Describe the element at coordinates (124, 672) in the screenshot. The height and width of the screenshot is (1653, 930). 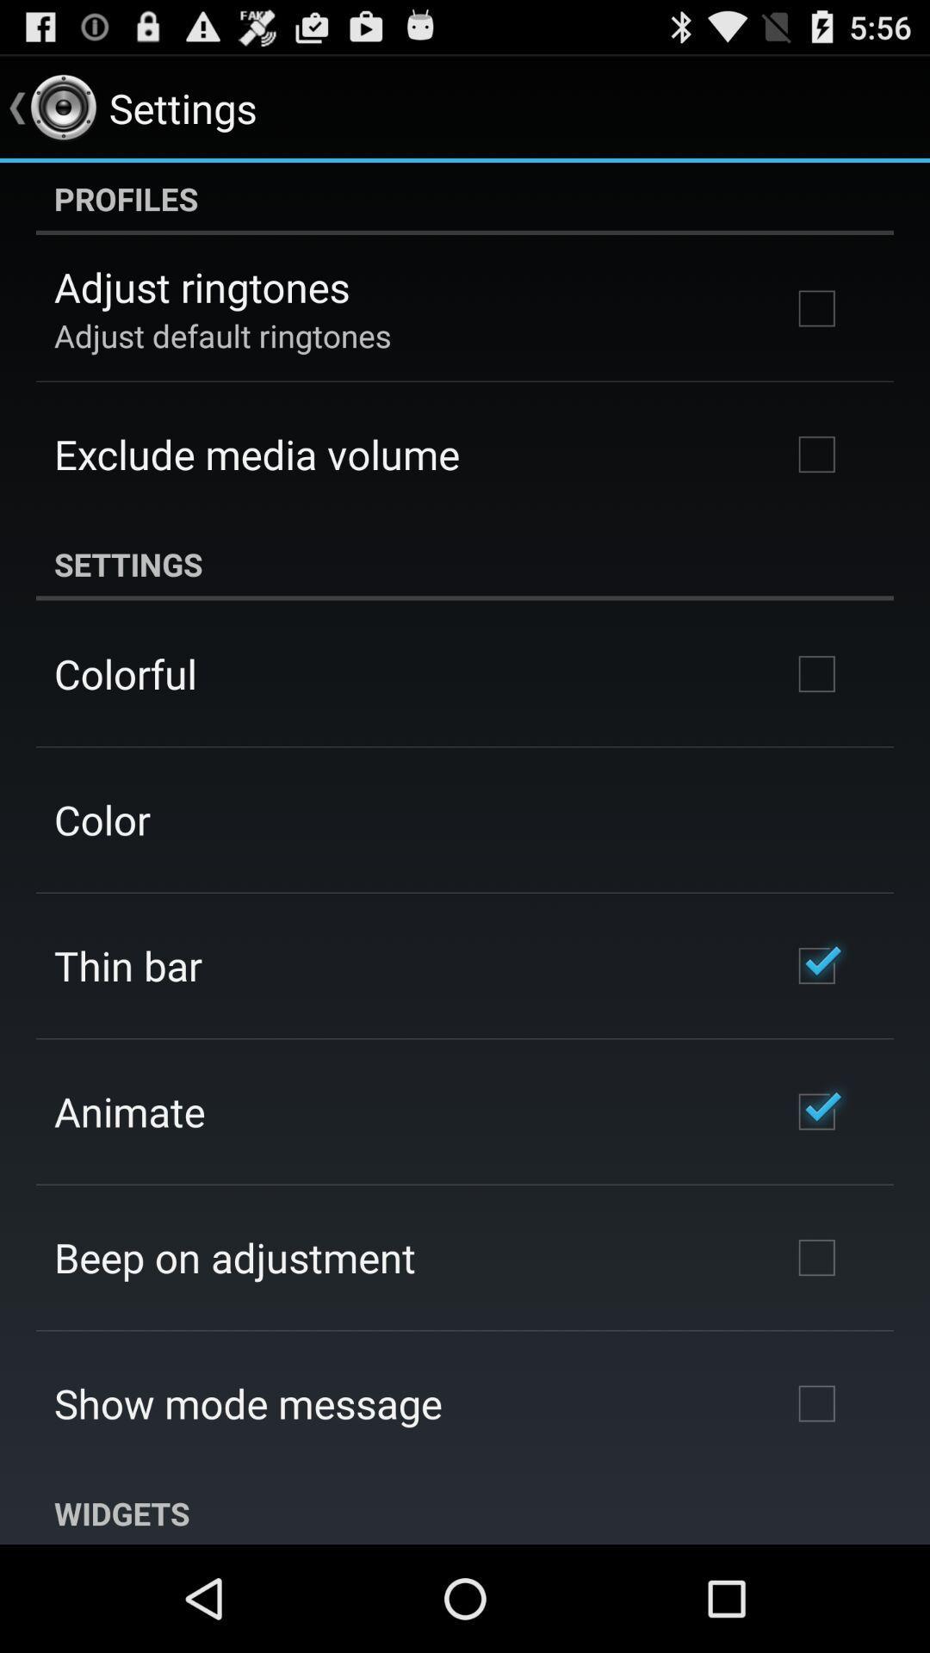
I see `app below settings app` at that location.